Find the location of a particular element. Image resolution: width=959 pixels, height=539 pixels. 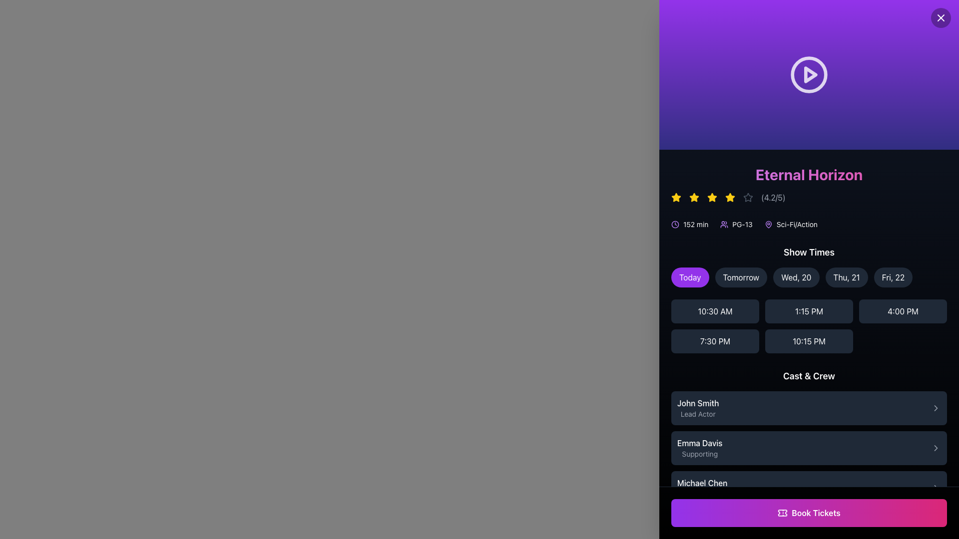

the 'Close' icon located at the top right corner of the modal is located at coordinates (940, 17).